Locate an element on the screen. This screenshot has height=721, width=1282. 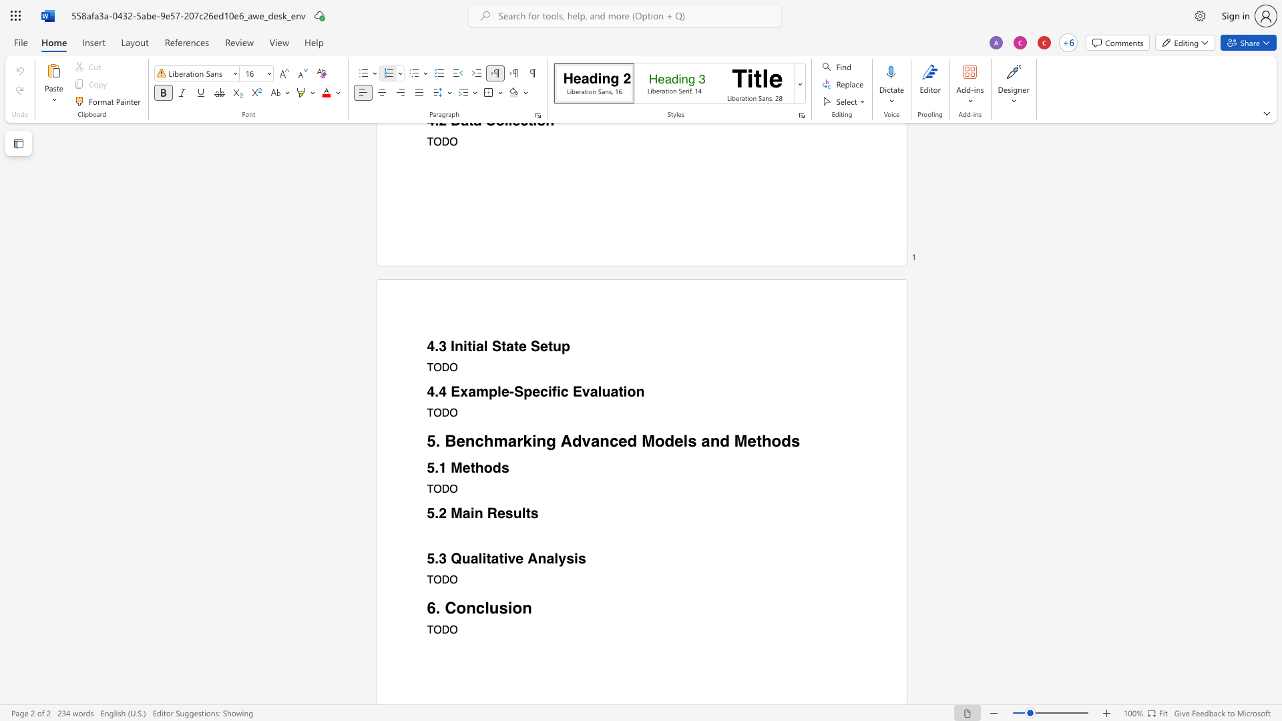
the 1th character "C" in the text is located at coordinates (450, 608).